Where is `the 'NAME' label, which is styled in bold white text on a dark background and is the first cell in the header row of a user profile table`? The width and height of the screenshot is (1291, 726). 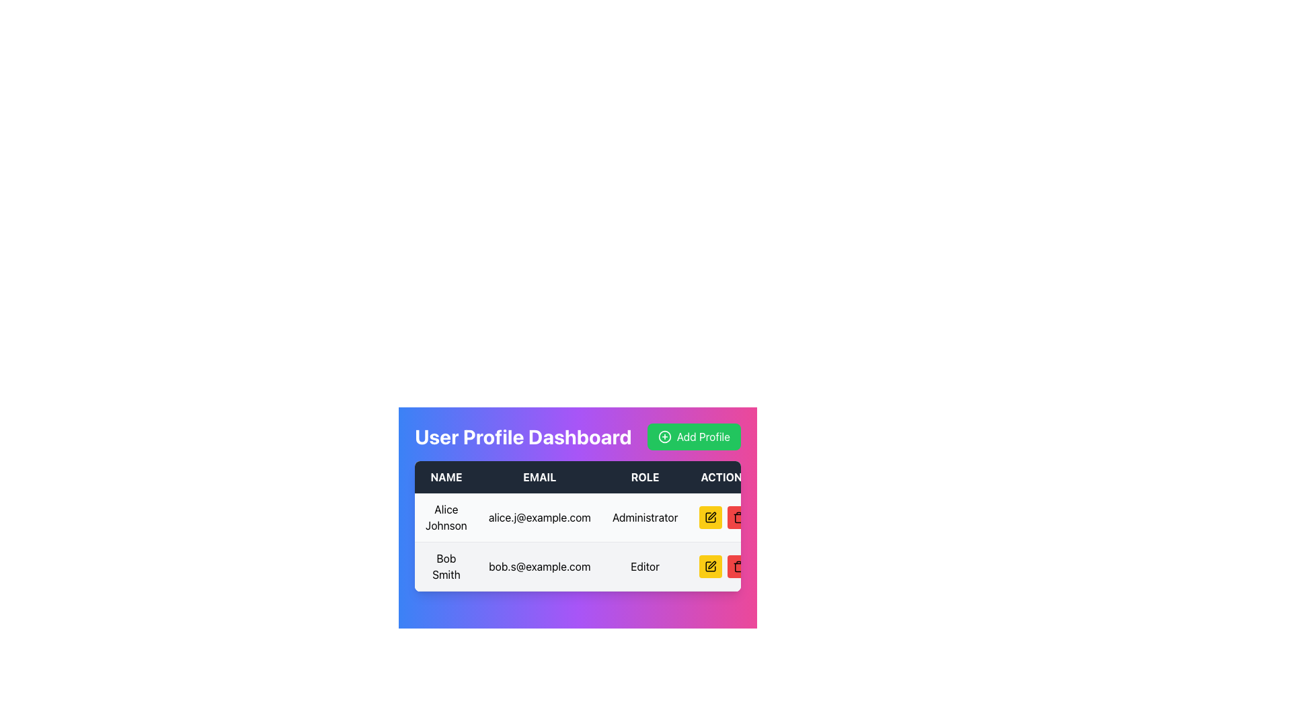
the 'NAME' label, which is styled in bold white text on a dark background and is the first cell in the header row of a user profile table is located at coordinates (446, 476).